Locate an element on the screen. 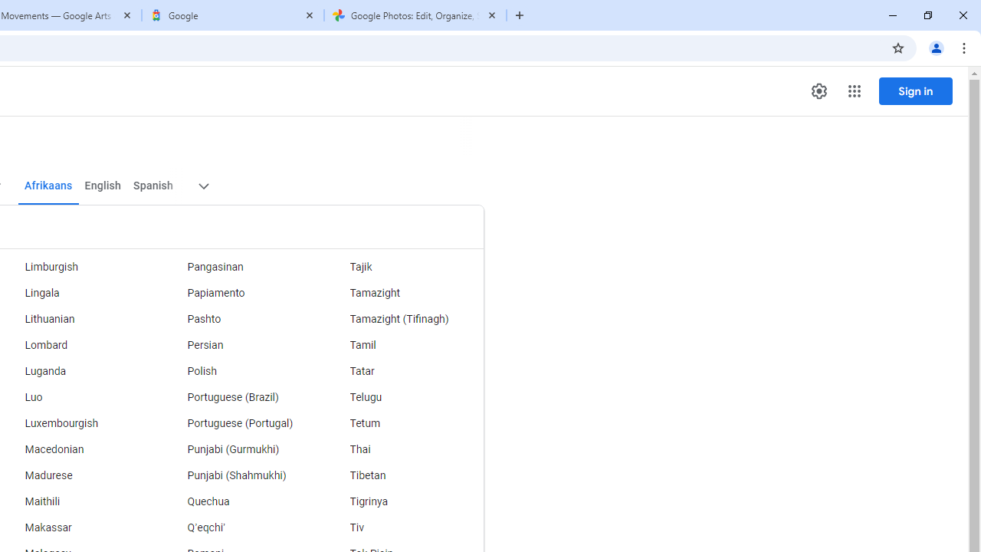  'Thai' is located at coordinates (402, 449).